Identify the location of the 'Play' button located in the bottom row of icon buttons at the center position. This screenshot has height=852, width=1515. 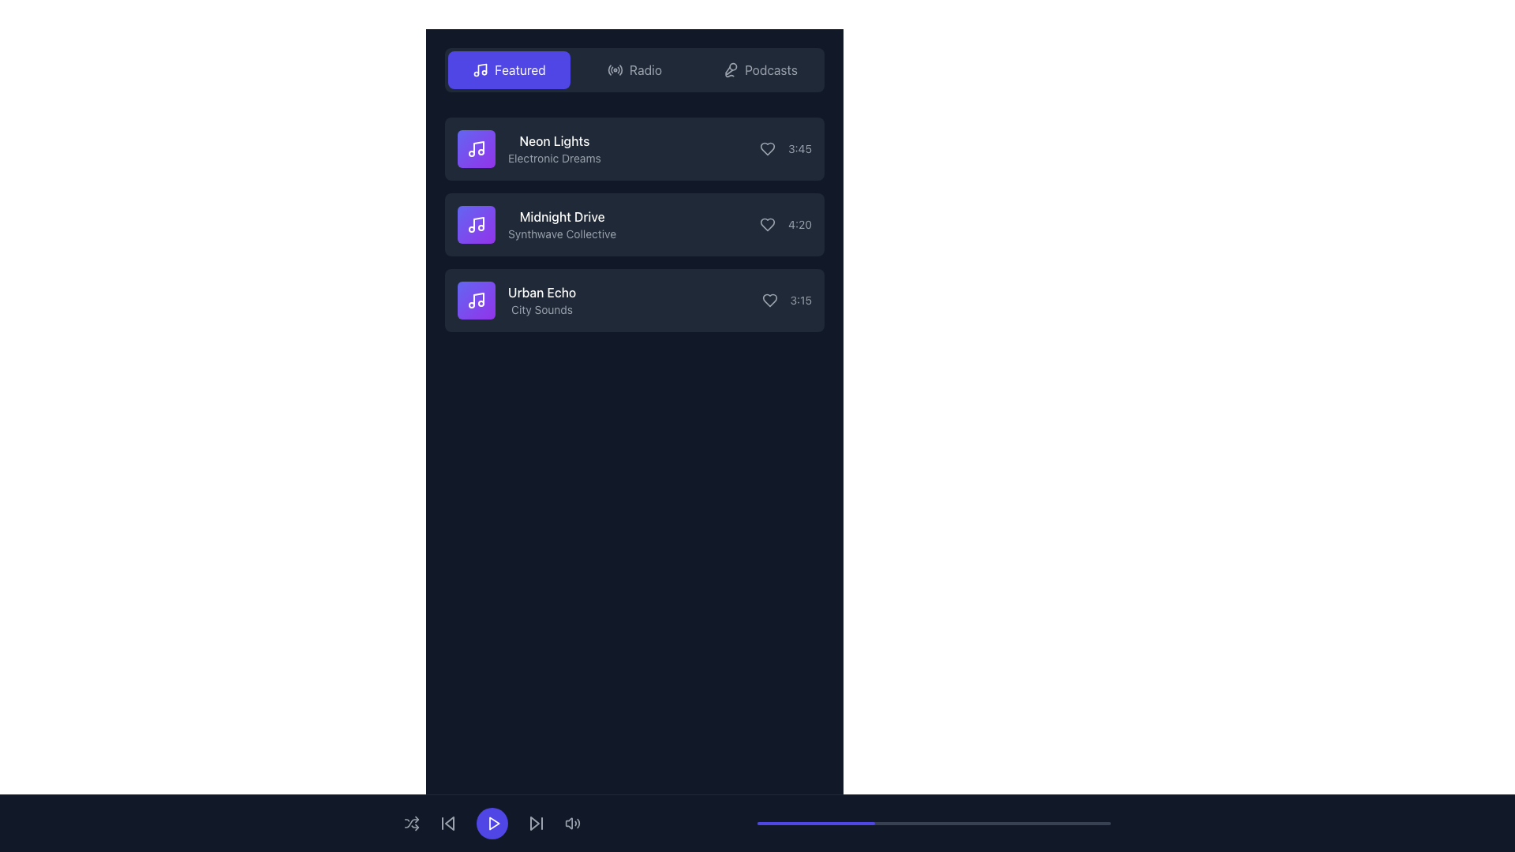
(492, 823).